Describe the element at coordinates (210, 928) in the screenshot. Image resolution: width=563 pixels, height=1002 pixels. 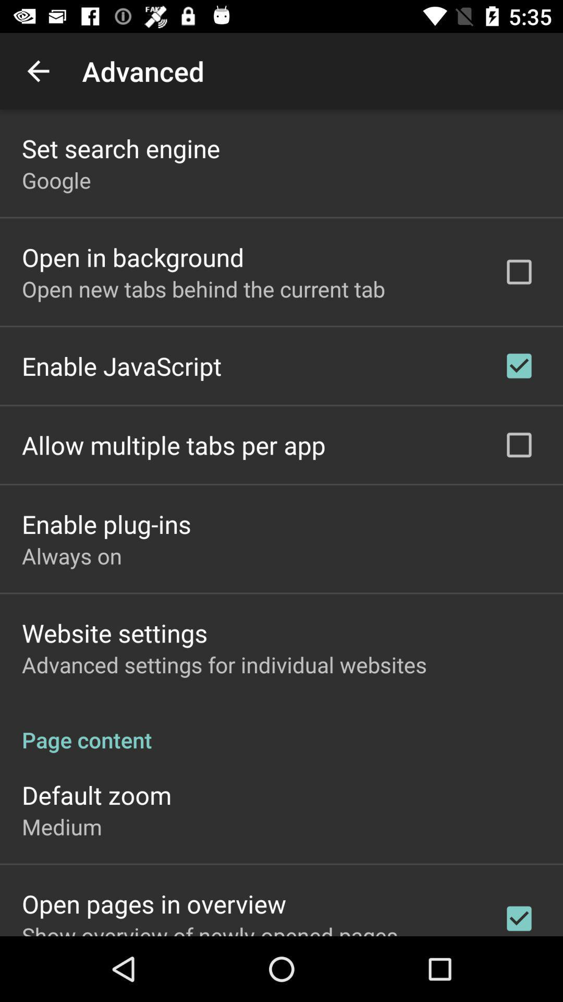
I see `show overview of item` at that location.